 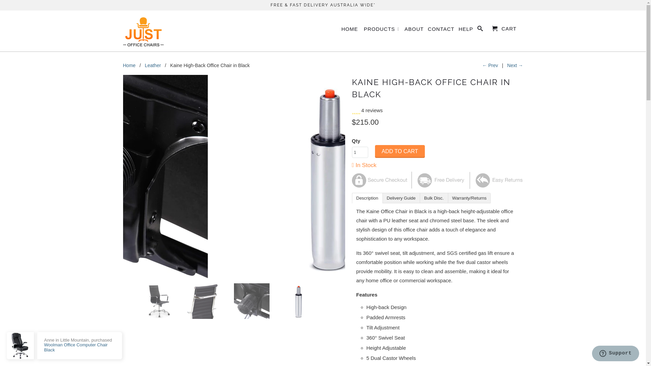 What do you see at coordinates (433, 198) in the screenshot?
I see `'Bulk Disc.'` at bounding box center [433, 198].